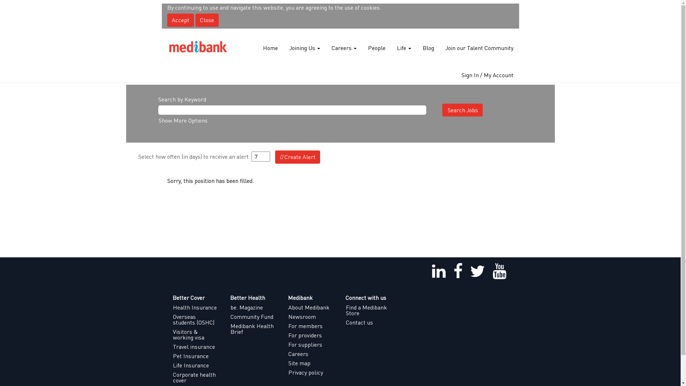  What do you see at coordinates (438, 271) in the screenshot?
I see `'linkedin'` at bounding box center [438, 271].